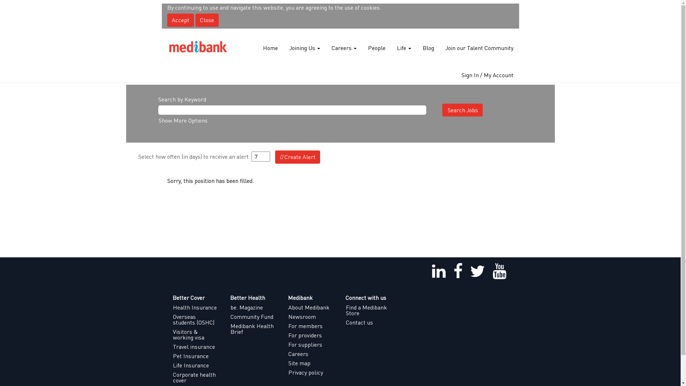  What do you see at coordinates (438, 271) in the screenshot?
I see `'linkedin'` at bounding box center [438, 271].